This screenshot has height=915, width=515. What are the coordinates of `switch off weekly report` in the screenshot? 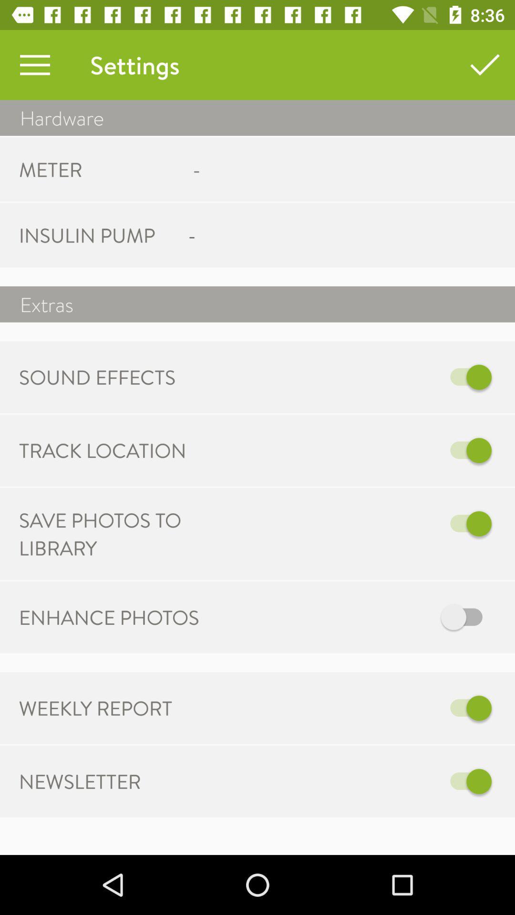 It's located at (356, 708).